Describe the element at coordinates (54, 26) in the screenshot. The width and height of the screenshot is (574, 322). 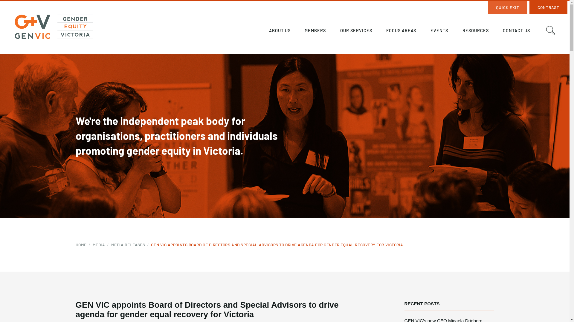
I see `'Gender Equity Victoria'` at that location.